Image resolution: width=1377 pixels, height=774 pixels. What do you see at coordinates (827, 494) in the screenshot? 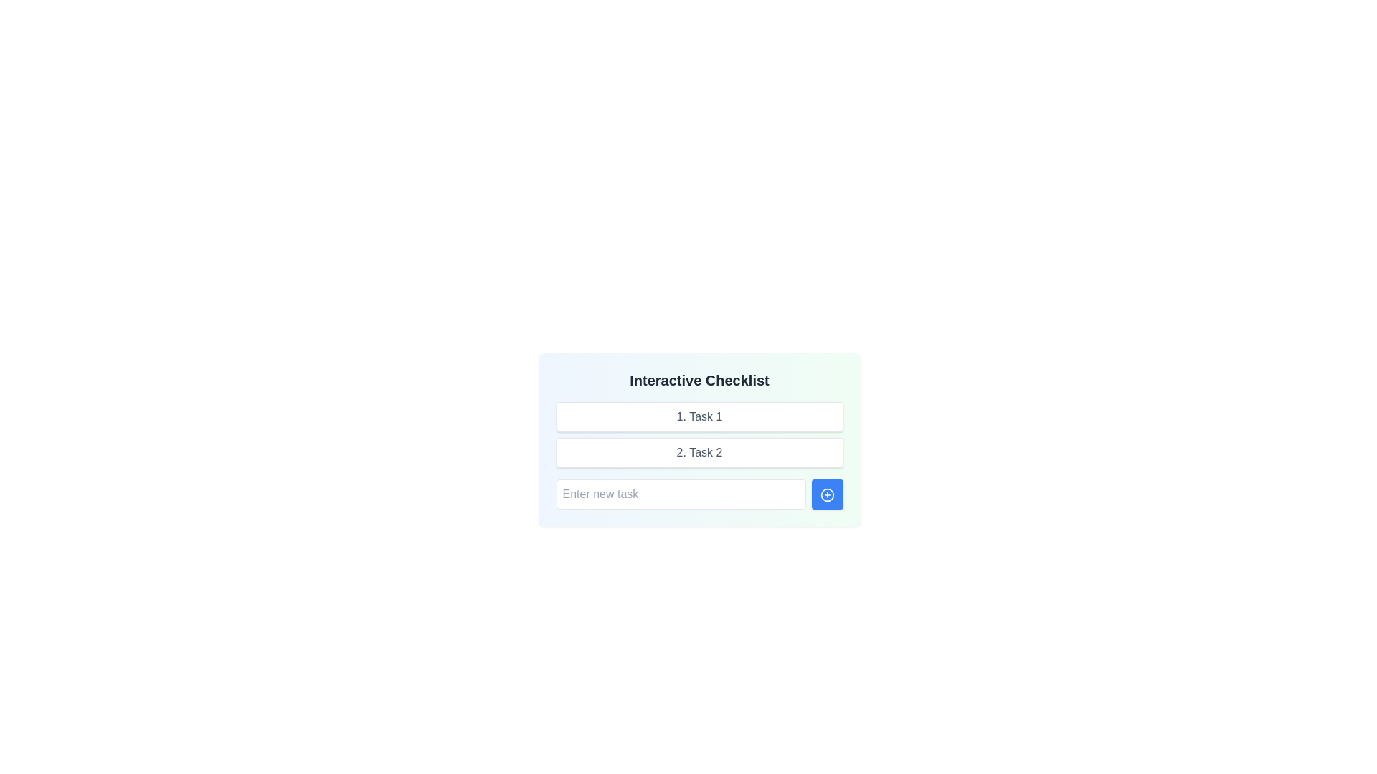
I see `the interactive icon located at the right end of the input field below the list items '1. Task 1' and '2. Task 2'` at bounding box center [827, 494].